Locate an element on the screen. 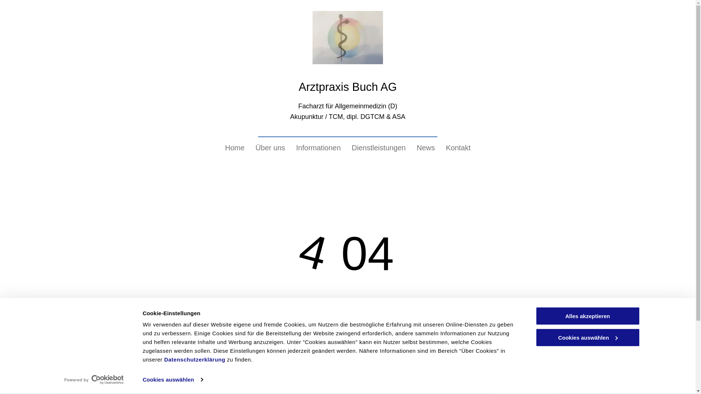 Image resolution: width=701 pixels, height=394 pixels. 'Informationen' is located at coordinates (318, 148).